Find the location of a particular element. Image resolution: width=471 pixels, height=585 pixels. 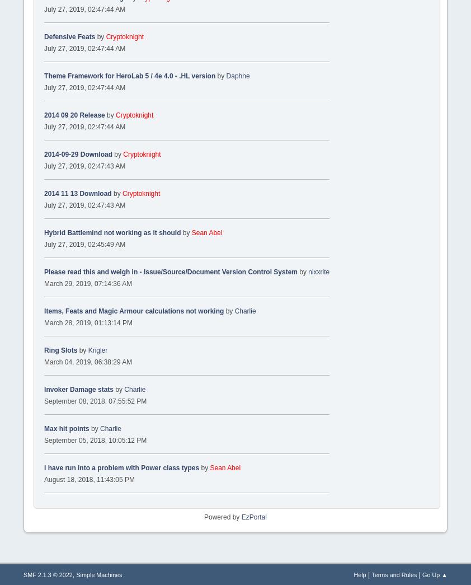

'I have run into a problem with Power class types' is located at coordinates (121, 466).